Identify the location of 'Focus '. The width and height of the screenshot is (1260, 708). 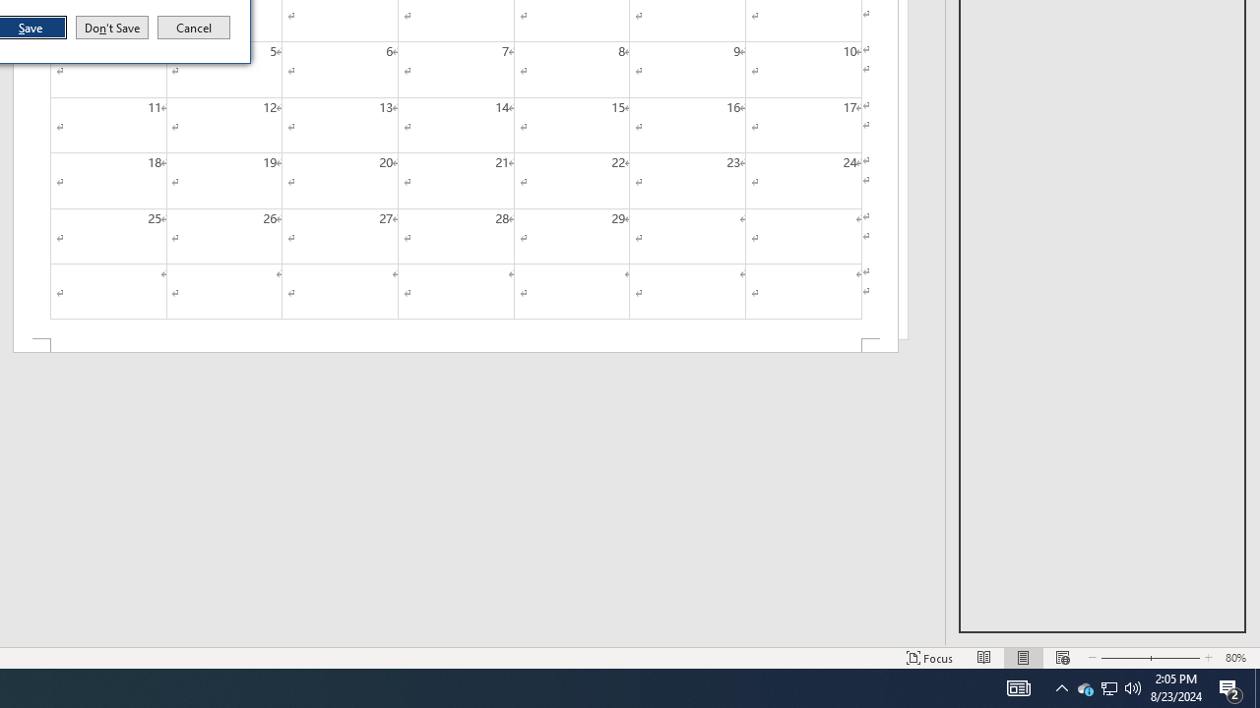
(928, 658).